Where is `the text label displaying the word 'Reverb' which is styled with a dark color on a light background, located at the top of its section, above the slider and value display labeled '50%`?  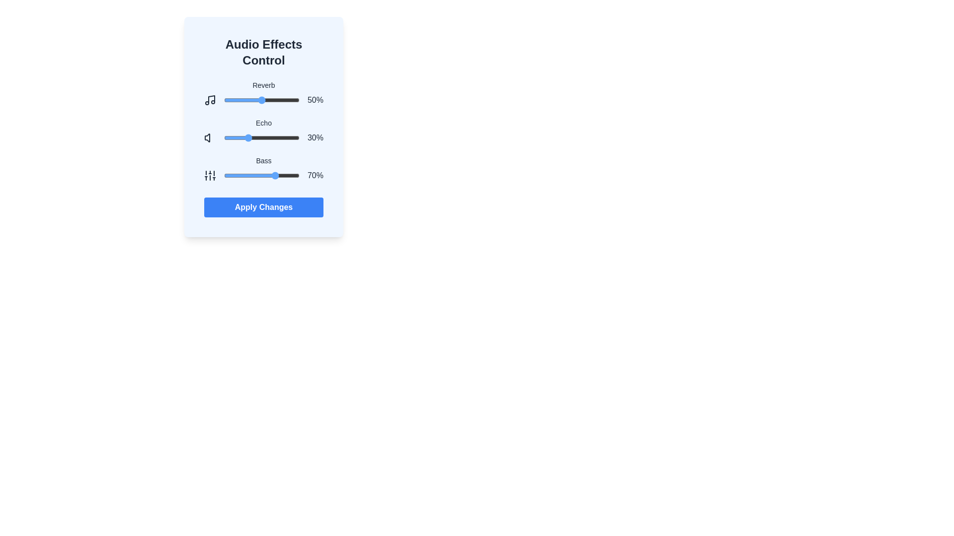
the text label displaying the word 'Reverb' which is styled with a dark color on a light background, located at the top of its section, above the slider and value display labeled '50% is located at coordinates (264, 85).